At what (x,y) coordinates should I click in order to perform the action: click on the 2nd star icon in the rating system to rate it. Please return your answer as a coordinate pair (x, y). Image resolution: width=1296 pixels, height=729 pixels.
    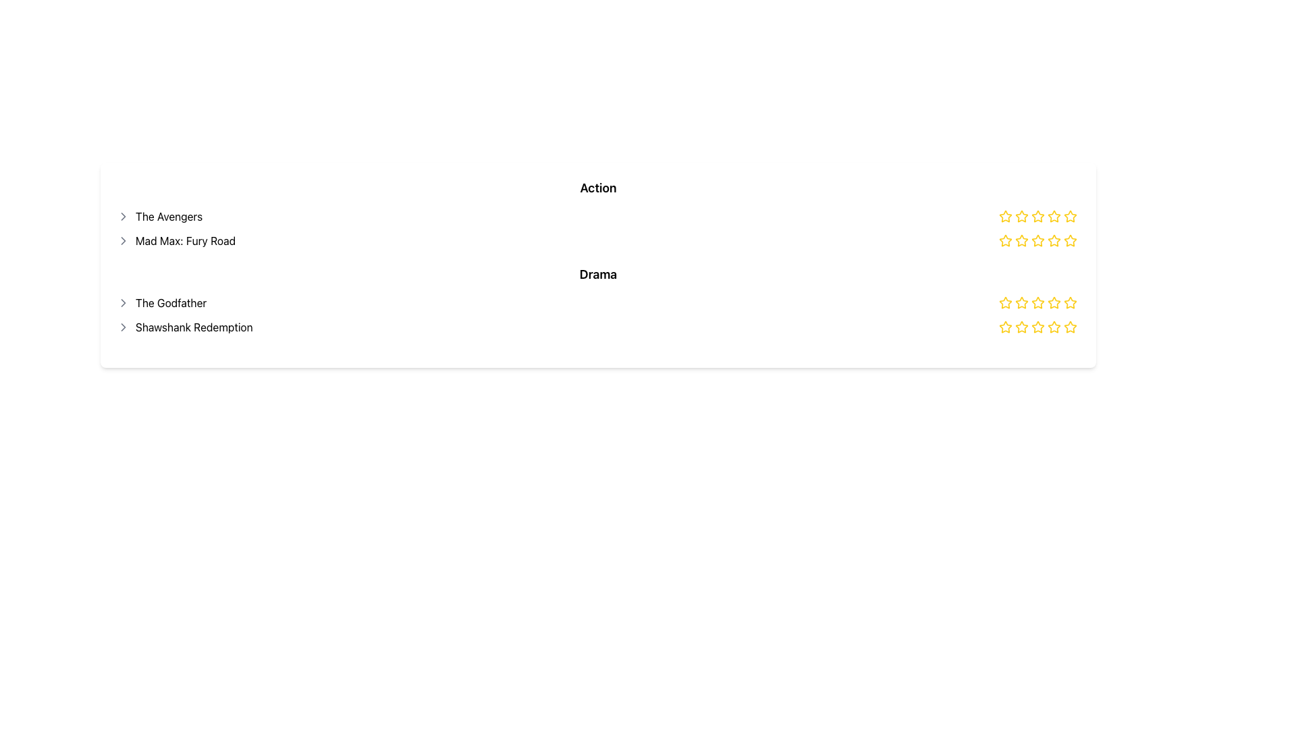
    Looking at the image, I should click on (1021, 240).